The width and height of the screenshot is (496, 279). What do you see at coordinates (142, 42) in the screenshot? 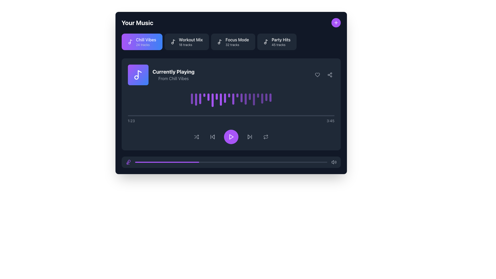
I see `the 'Chill Vibes' playlist button` at bounding box center [142, 42].